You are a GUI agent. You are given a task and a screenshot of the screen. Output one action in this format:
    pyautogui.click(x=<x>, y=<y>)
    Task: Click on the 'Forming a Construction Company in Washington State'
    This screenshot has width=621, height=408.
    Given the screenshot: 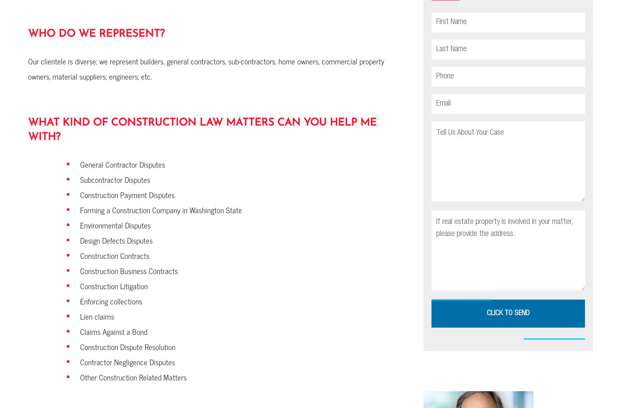 What is the action you would take?
    pyautogui.click(x=161, y=209)
    